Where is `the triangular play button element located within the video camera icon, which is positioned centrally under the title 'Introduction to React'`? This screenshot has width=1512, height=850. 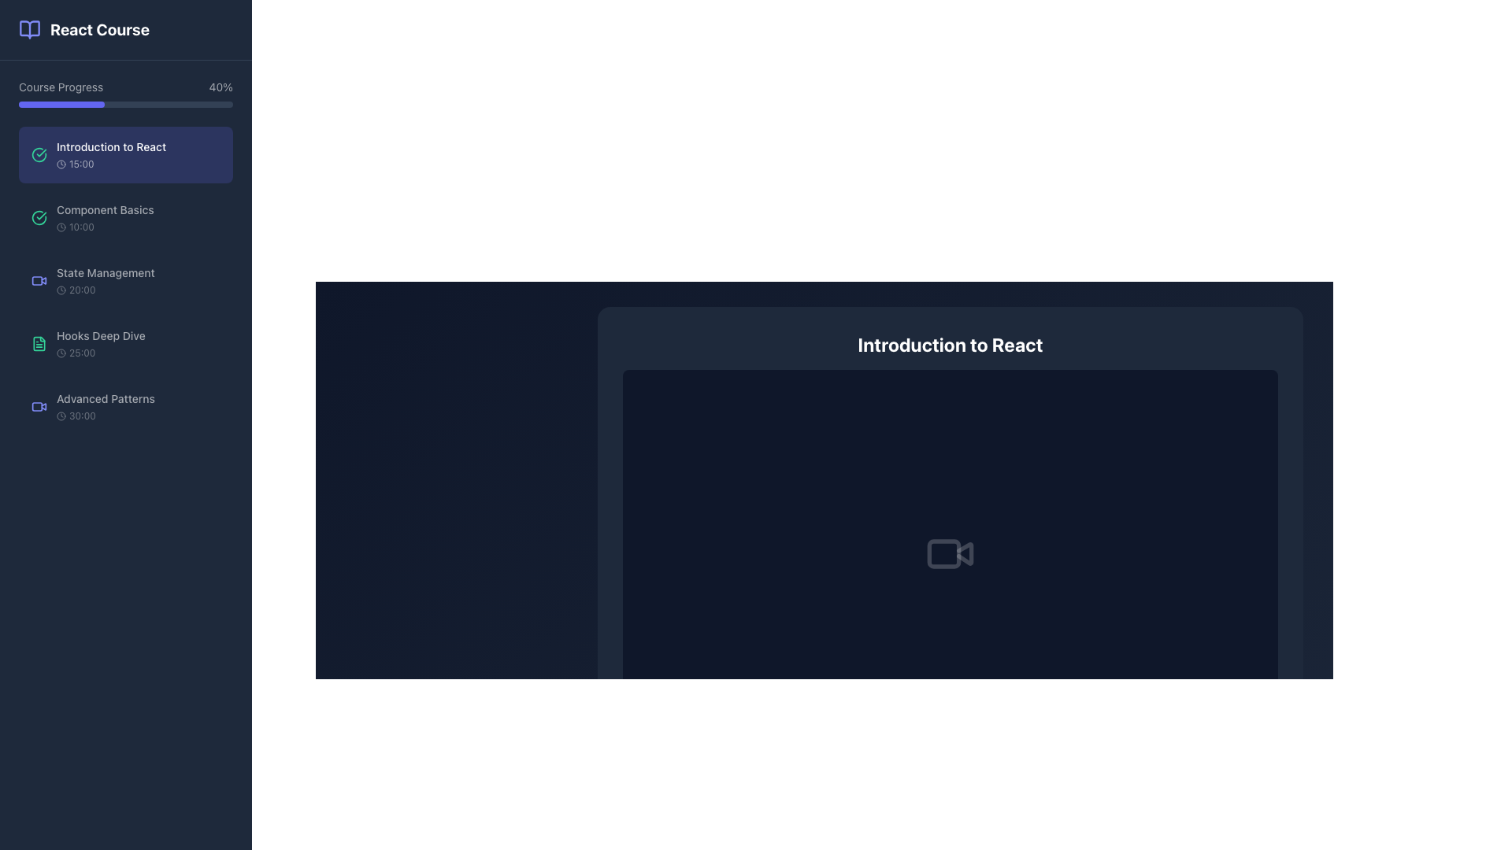
the triangular play button element located within the video camera icon, which is positioned centrally under the title 'Introduction to React' is located at coordinates (964, 552).